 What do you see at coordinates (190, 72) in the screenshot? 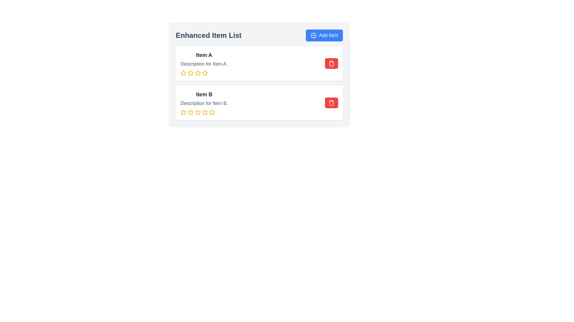
I see `the second star icon in the rating section of 'Item A'` at bounding box center [190, 72].